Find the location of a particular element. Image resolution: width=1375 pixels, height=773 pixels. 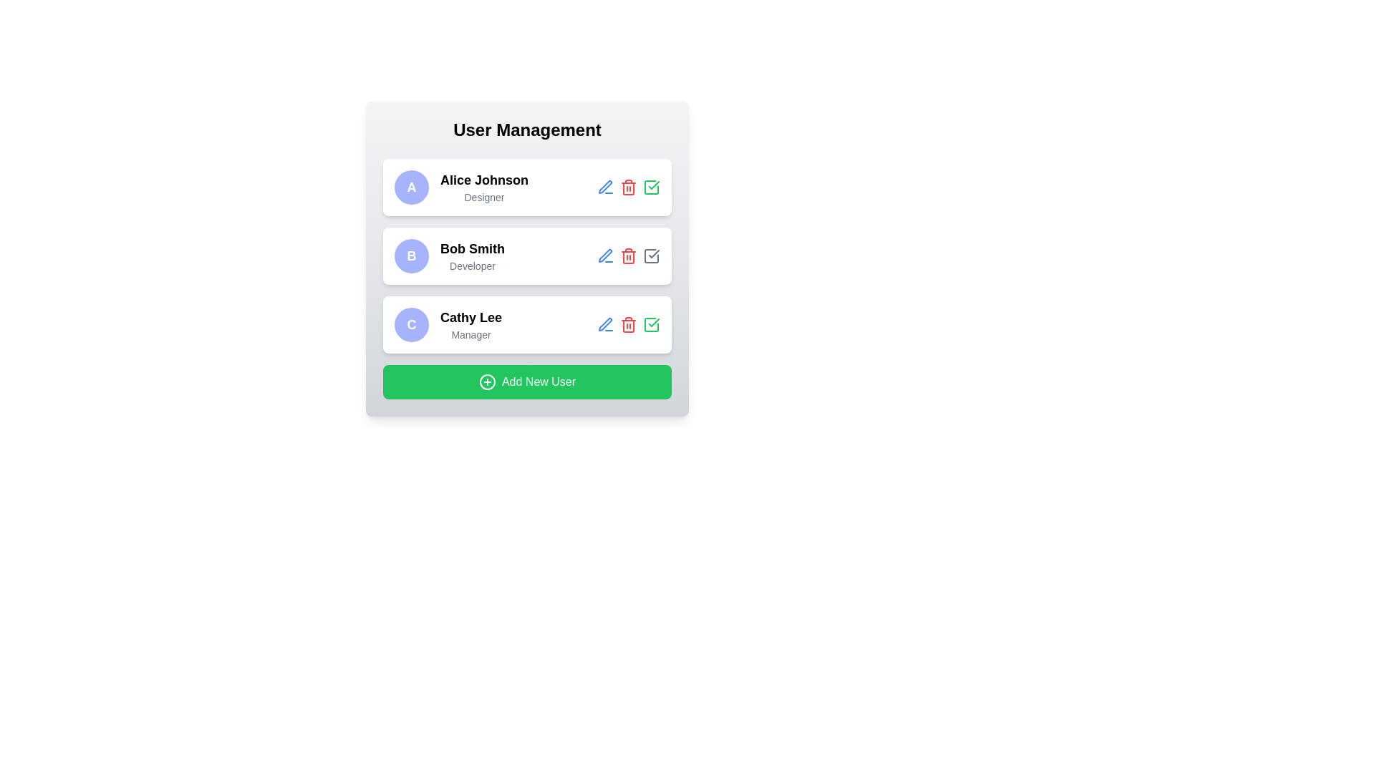

the trash bin icon component in the second entry row for 'Bob Smith - Developer' in the user list interface, indicating its role in deletion functionality is located at coordinates (629, 256).